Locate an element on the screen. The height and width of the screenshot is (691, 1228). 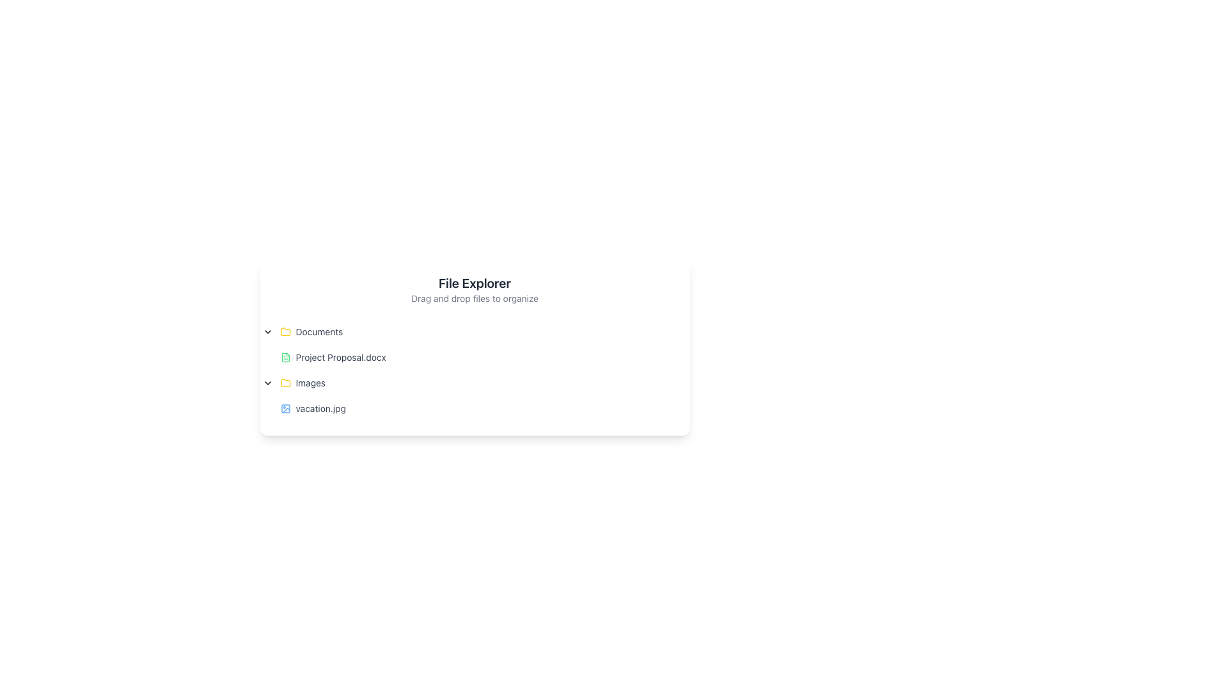
the static text label displaying 'Project Proposal.docx', which is styled with a small font size and gray color, and is located immediately to the right of a green file icon in the file explorer interface is located at coordinates (341, 358).